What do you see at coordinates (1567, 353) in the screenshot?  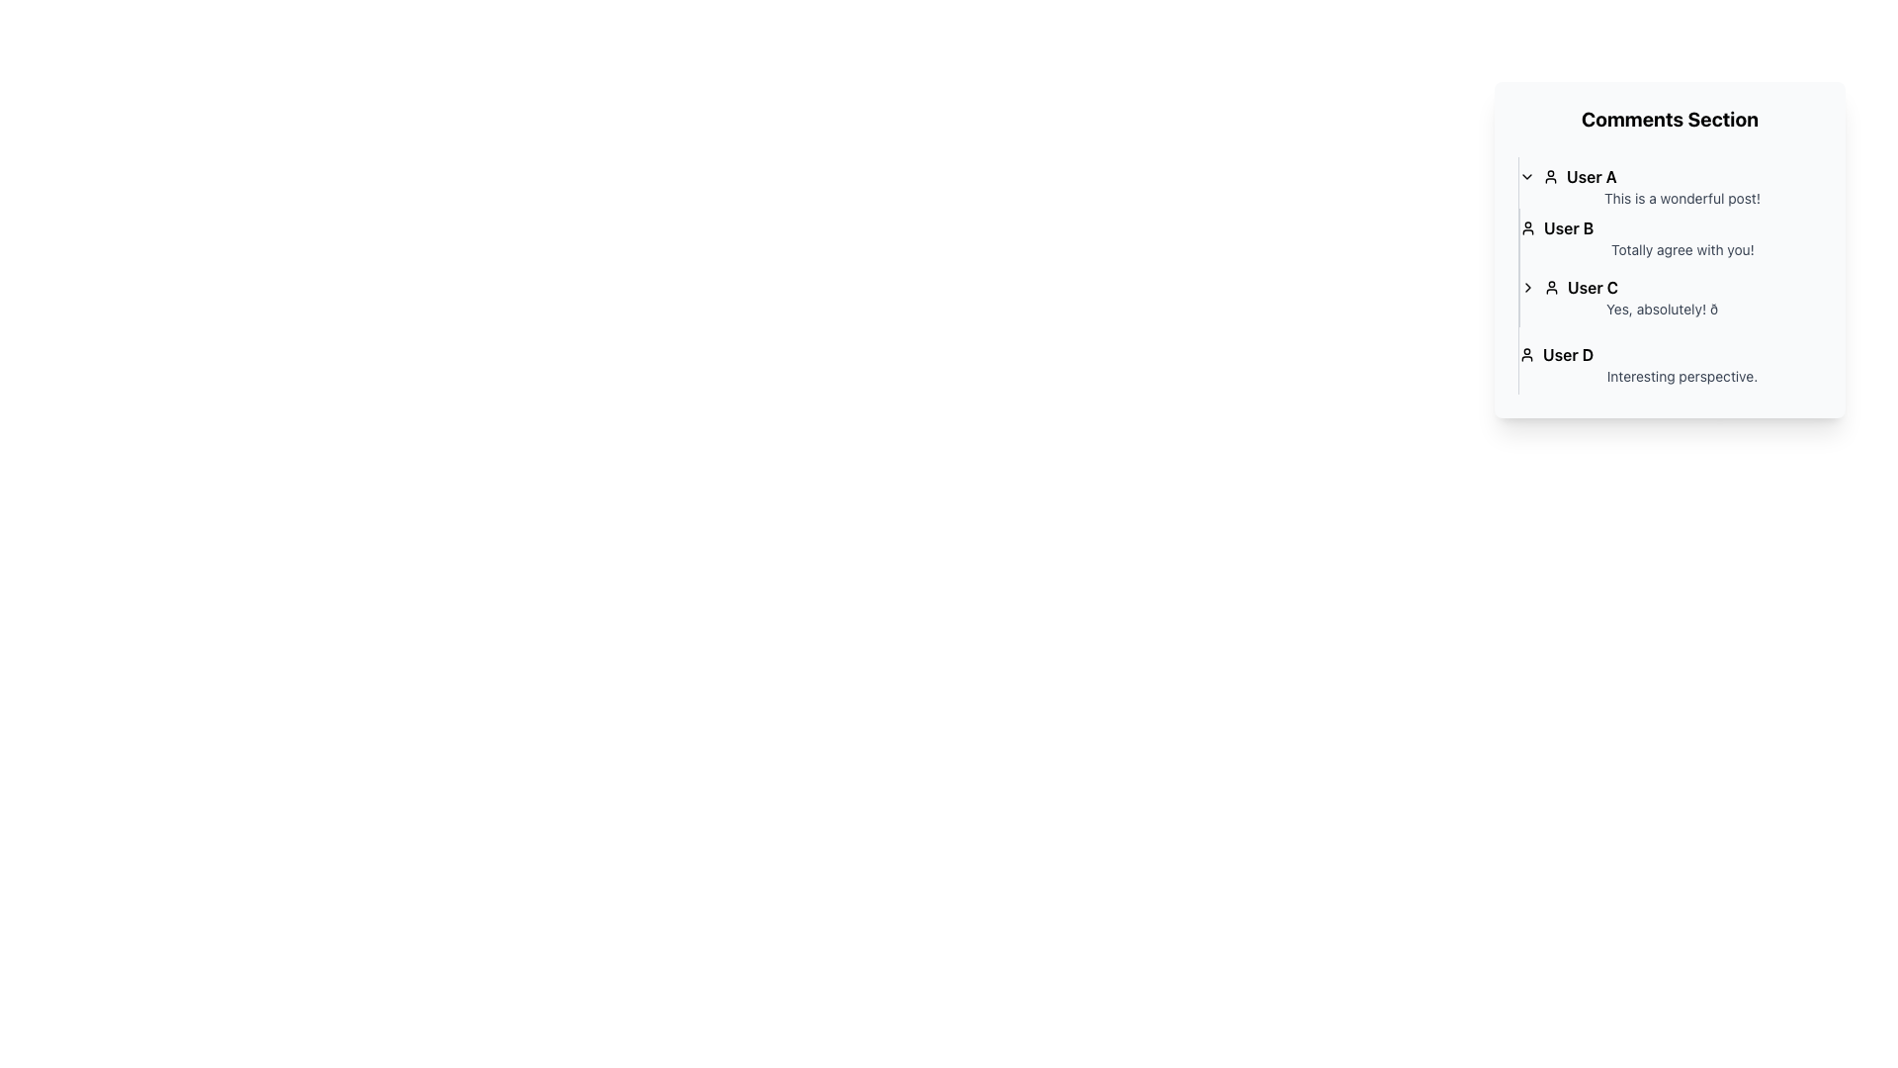 I see `the text label indicating 'User D' in the comments area, which serves as an identifier for the comment author` at bounding box center [1567, 353].